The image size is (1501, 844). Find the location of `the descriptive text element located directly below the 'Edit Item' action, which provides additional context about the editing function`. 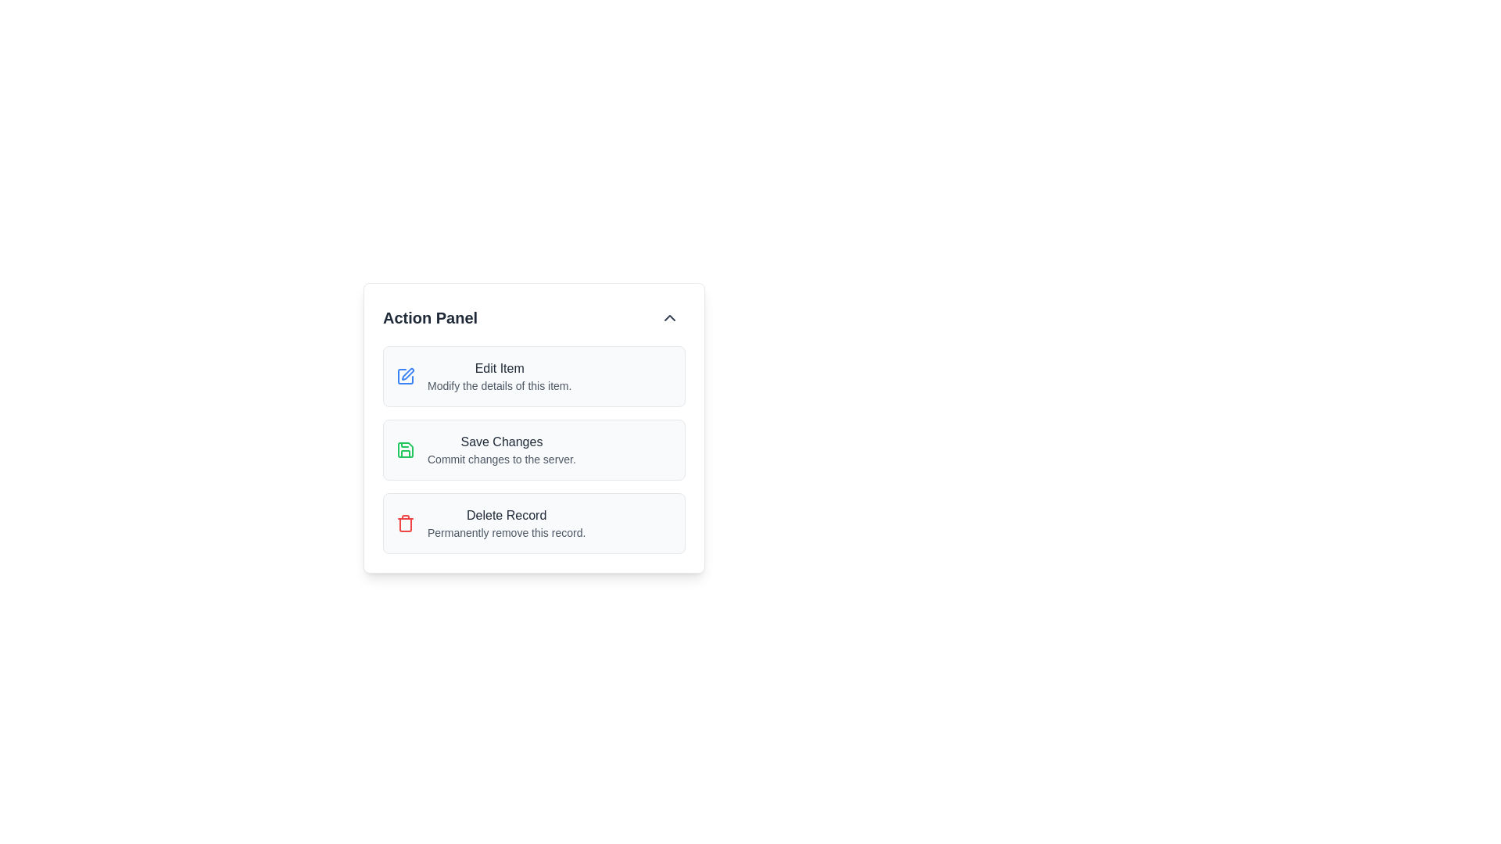

the descriptive text element located directly below the 'Edit Item' action, which provides additional context about the editing function is located at coordinates (499, 385).